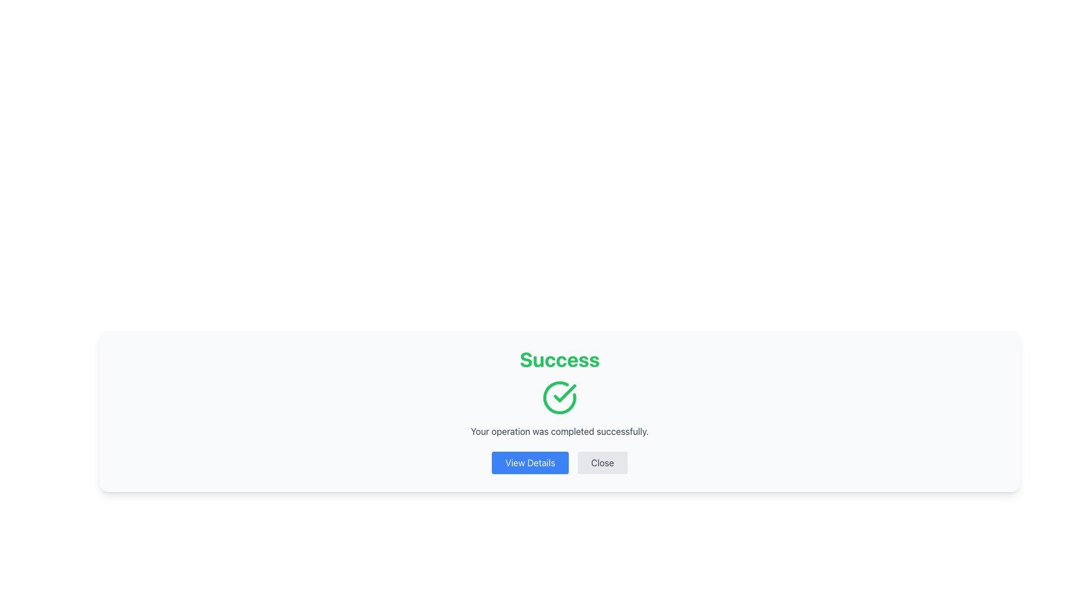 This screenshot has width=1078, height=606. Describe the element at coordinates (560, 397) in the screenshot. I see `the green circular icon with a checkmark indicating success, which is positioned below the 'Success' text and above the message stating 'Your operation was completed successfully.'` at that location.